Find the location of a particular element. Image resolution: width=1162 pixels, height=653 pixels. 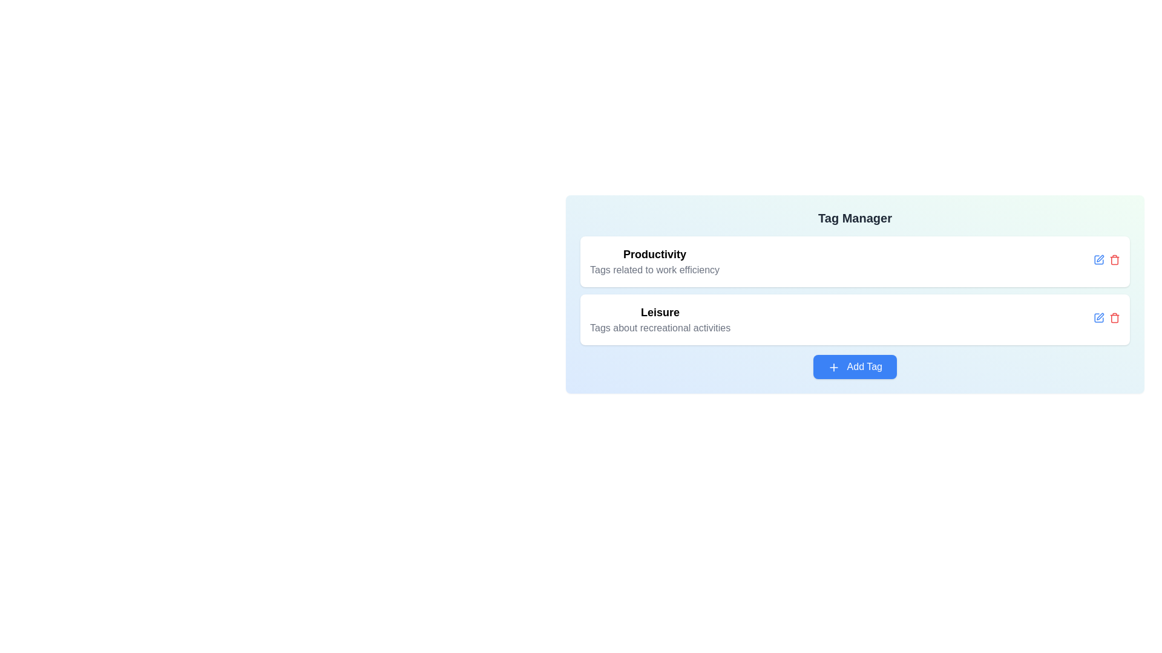

the 'Add Tag' button icon, which represents the function of adding or creating a new tag, located at the bottom center of the 'Tag Manager' interface is located at coordinates (833, 366).